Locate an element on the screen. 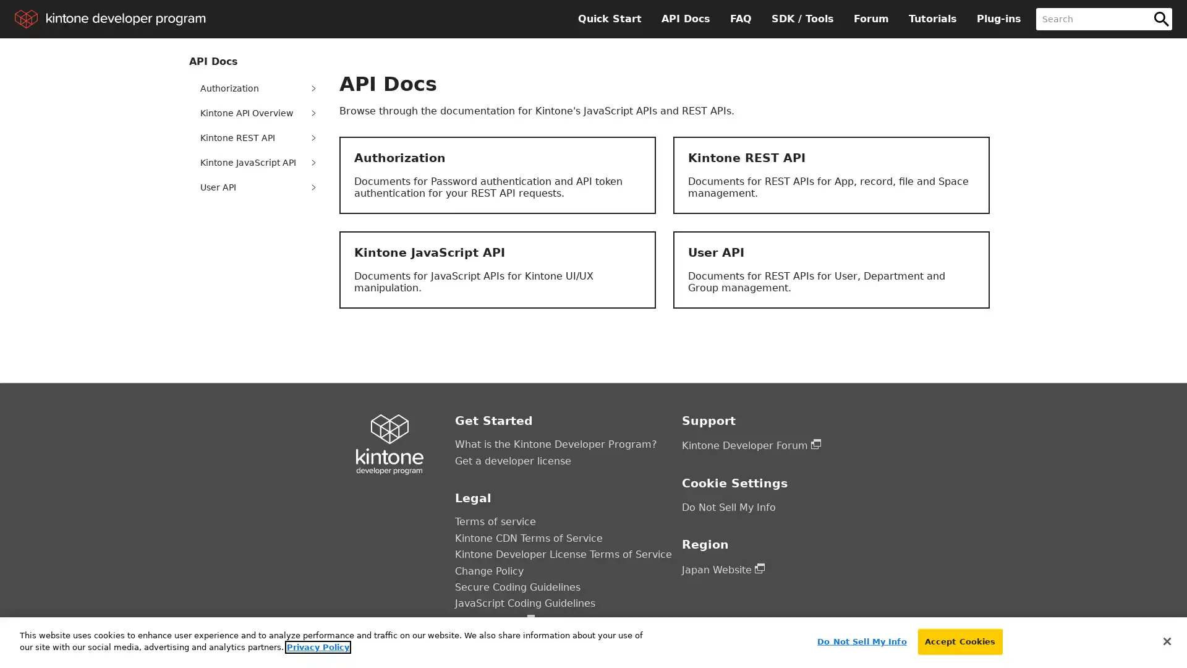  Close is located at coordinates (1166, 640).